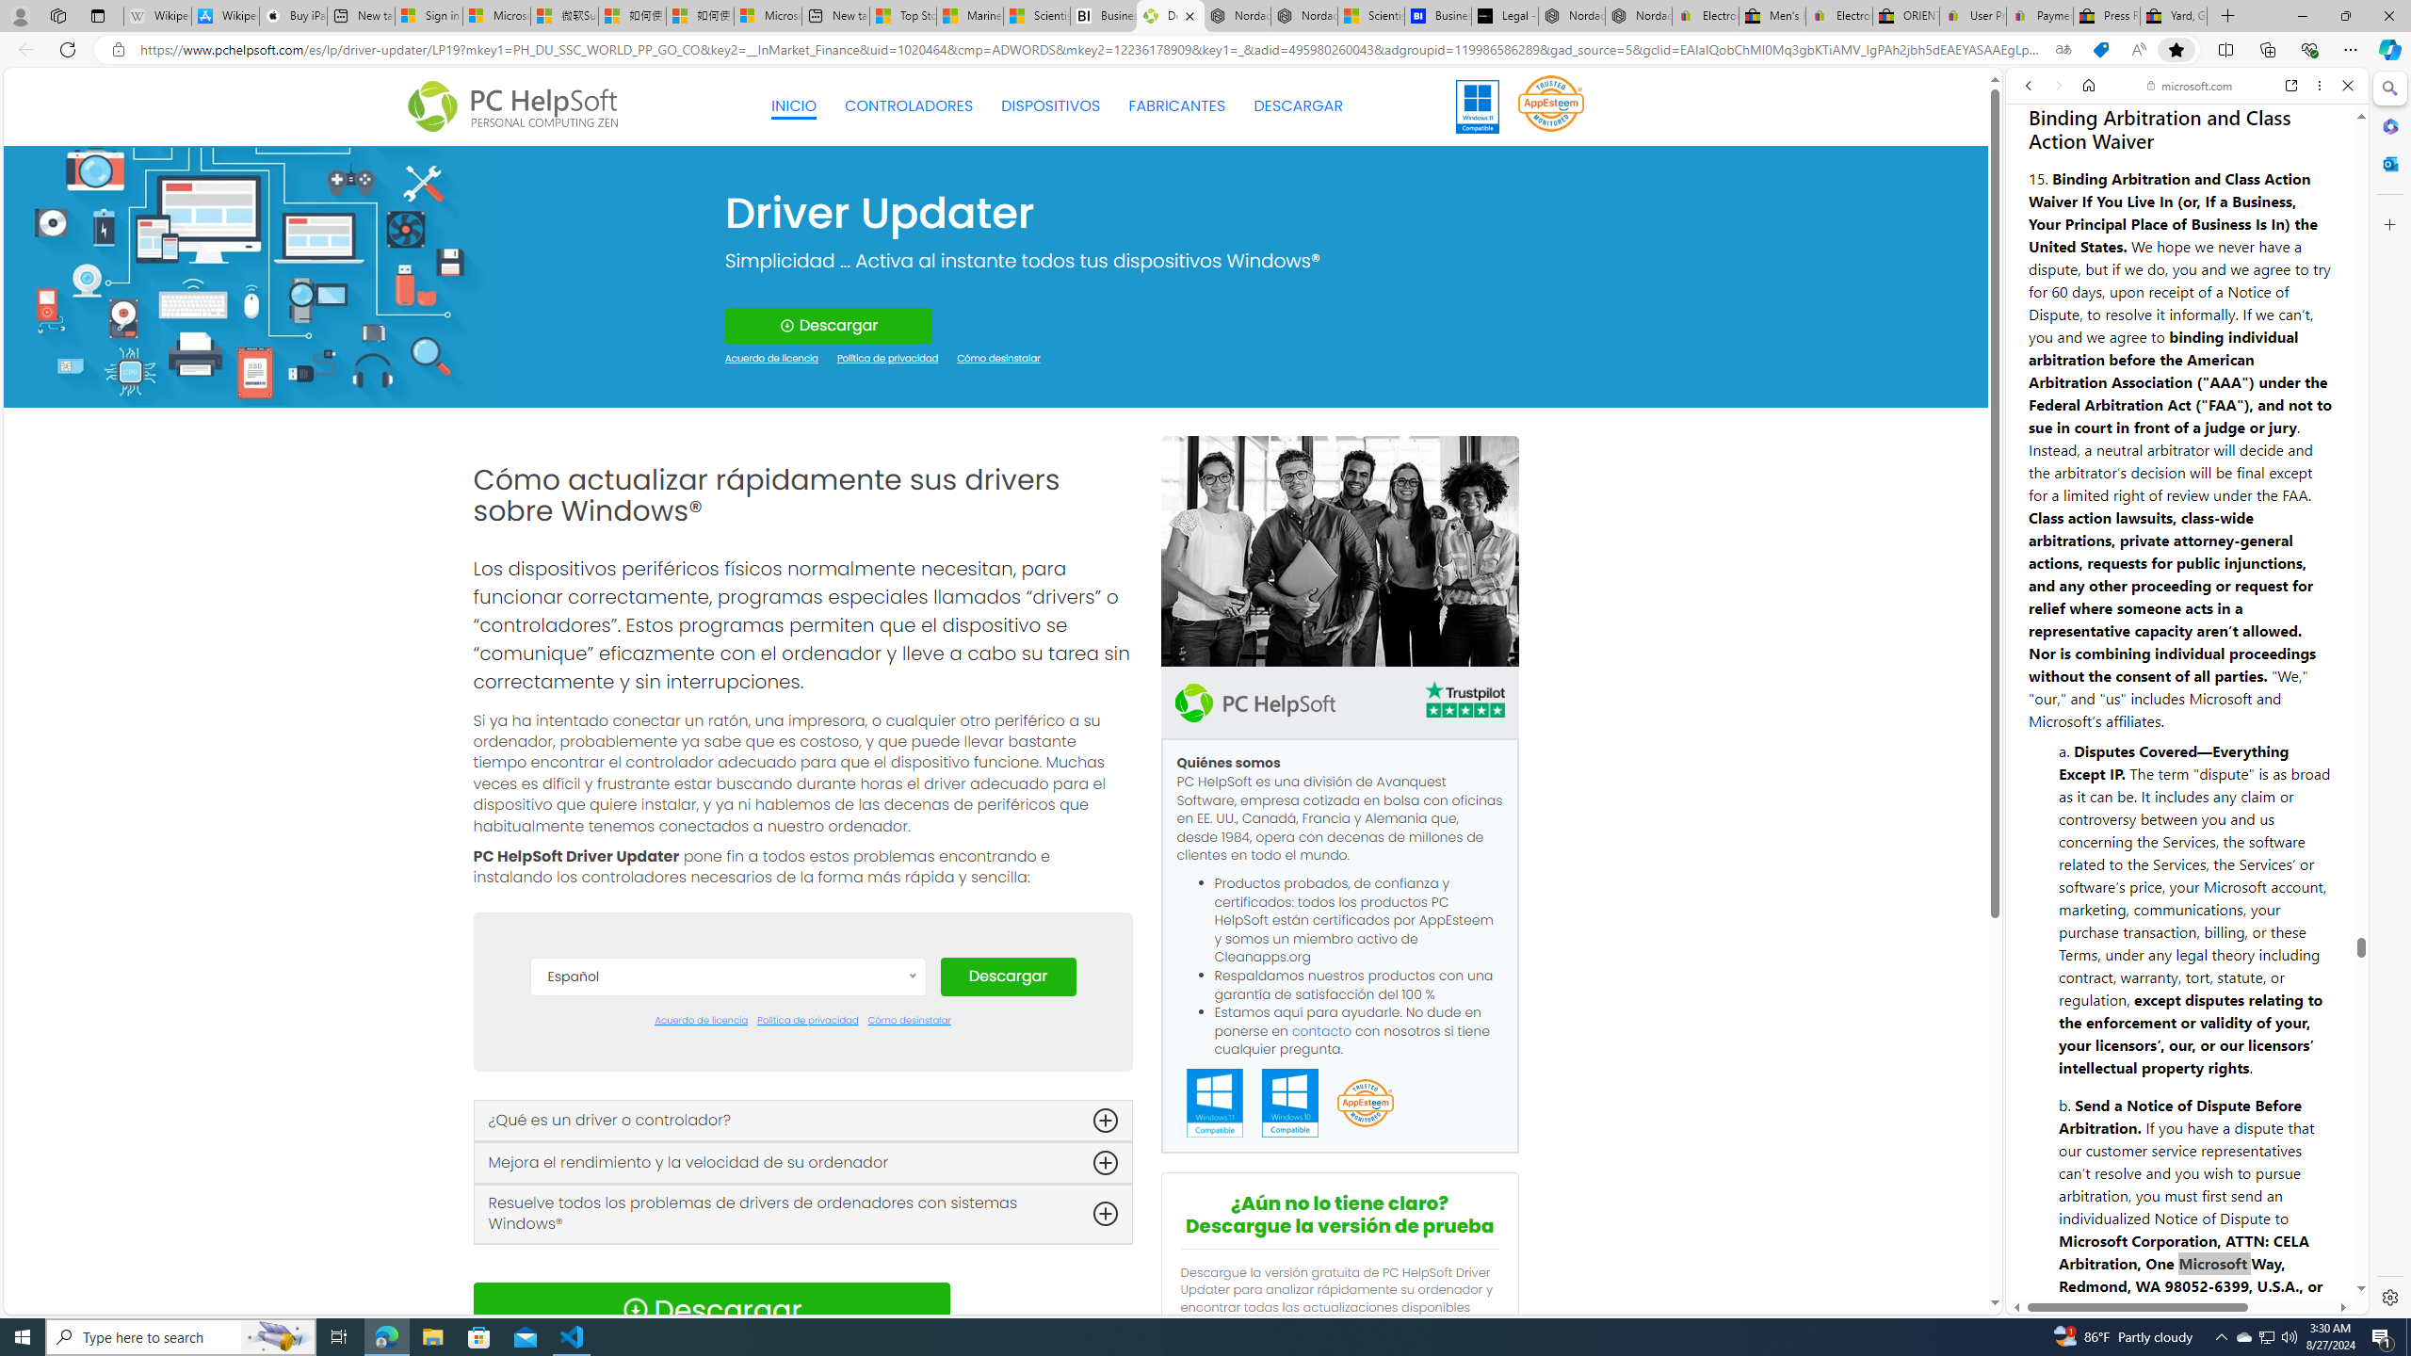 The height and width of the screenshot is (1356, 2411). I want to click on 'PCHelpsoft', so click(1254, 701).